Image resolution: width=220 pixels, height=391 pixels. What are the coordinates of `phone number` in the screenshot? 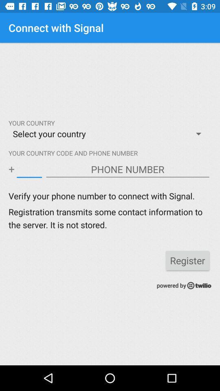 It's located at (128, 169).